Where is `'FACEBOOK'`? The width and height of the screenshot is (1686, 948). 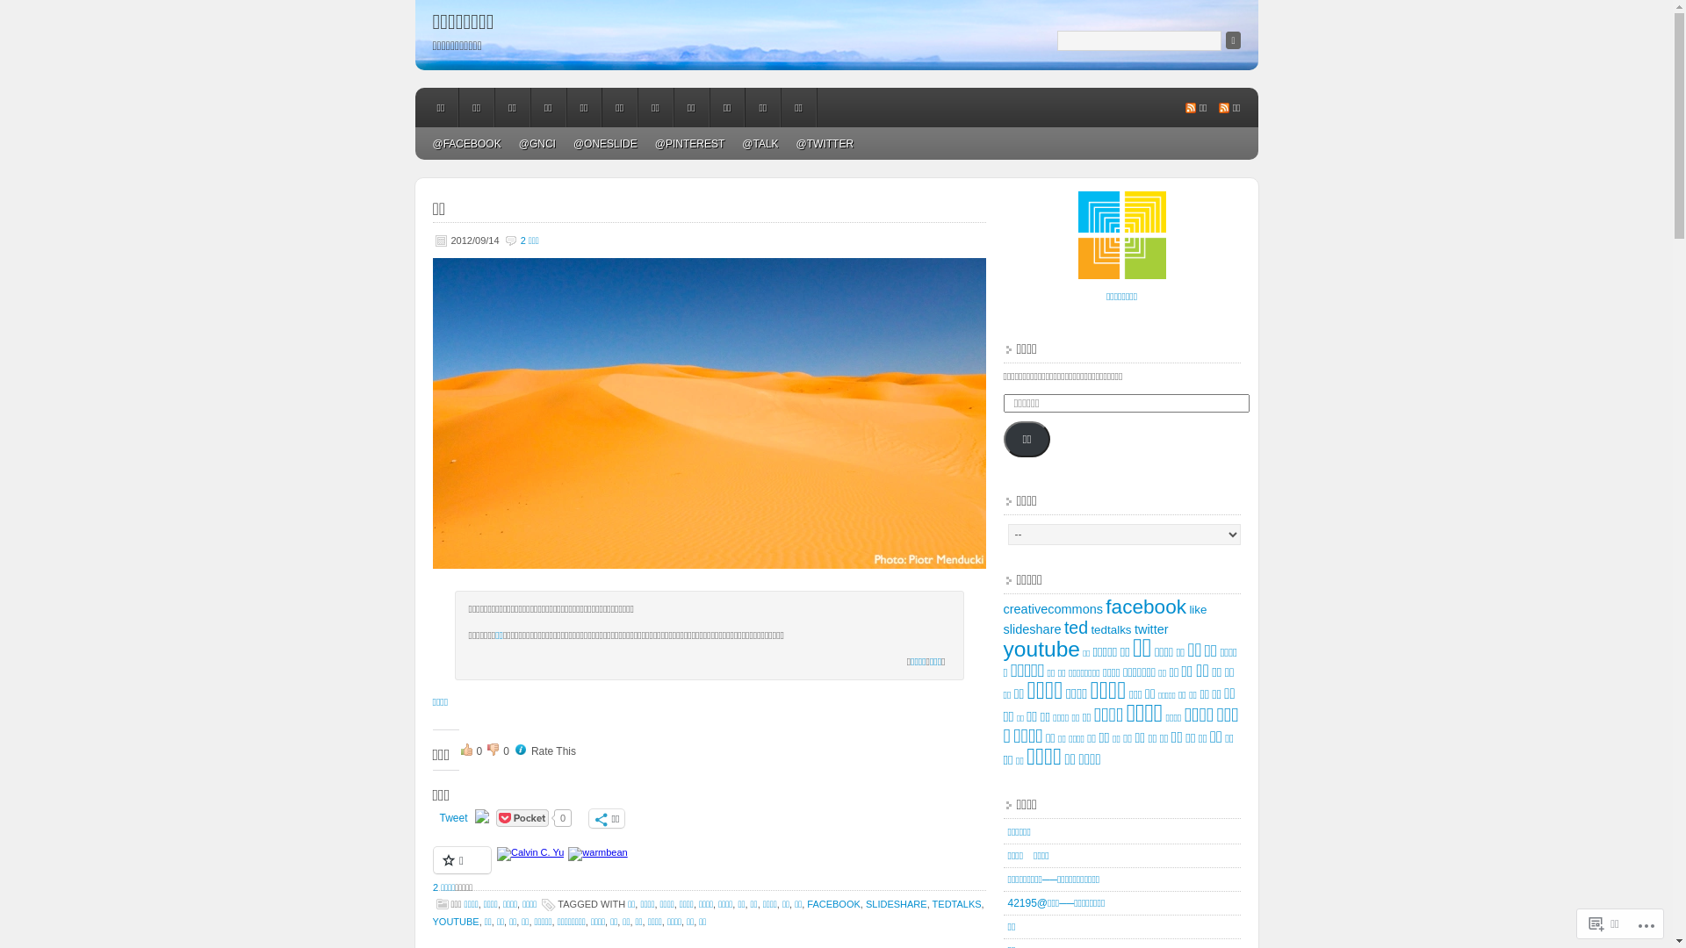
'FACEBOOK' is located at coordinates (832, 903).